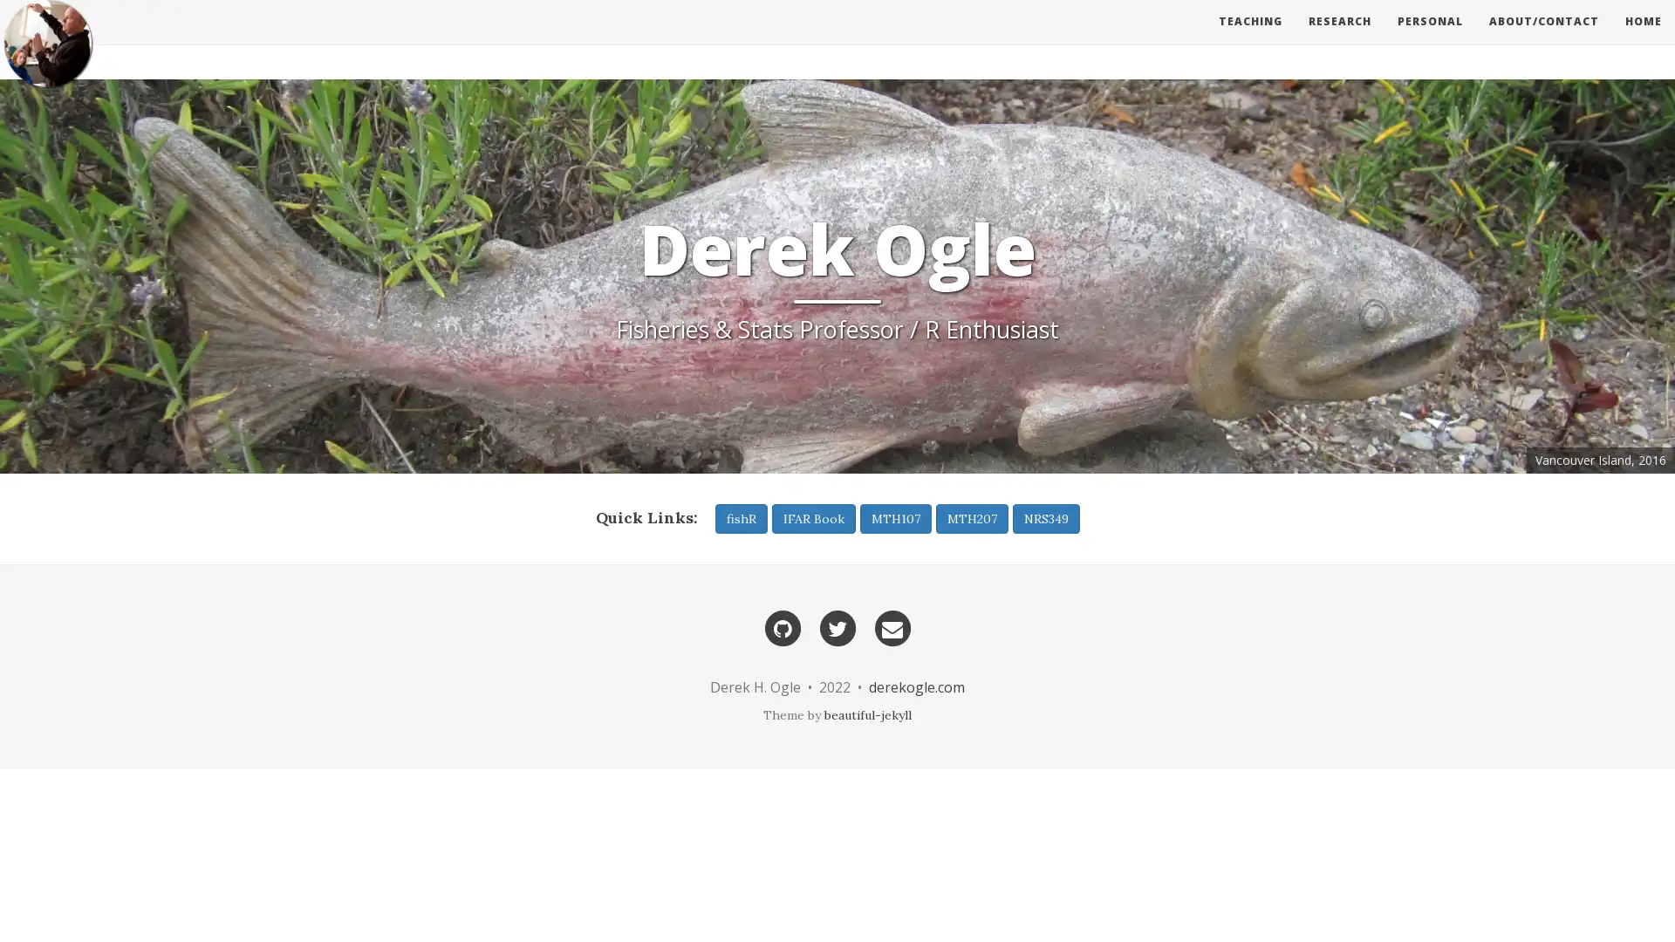 This screenshot has height=942, width=1675. I want to click on IFAR Book, so click(811, 517).